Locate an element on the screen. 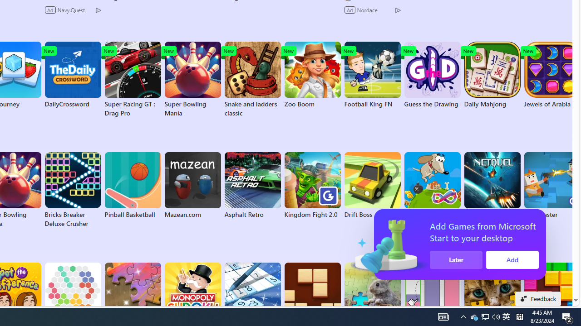 The width and height of the screenshot is (581, 326). 'Hungry Dog FRVR' is located at coordinates (432, 185).